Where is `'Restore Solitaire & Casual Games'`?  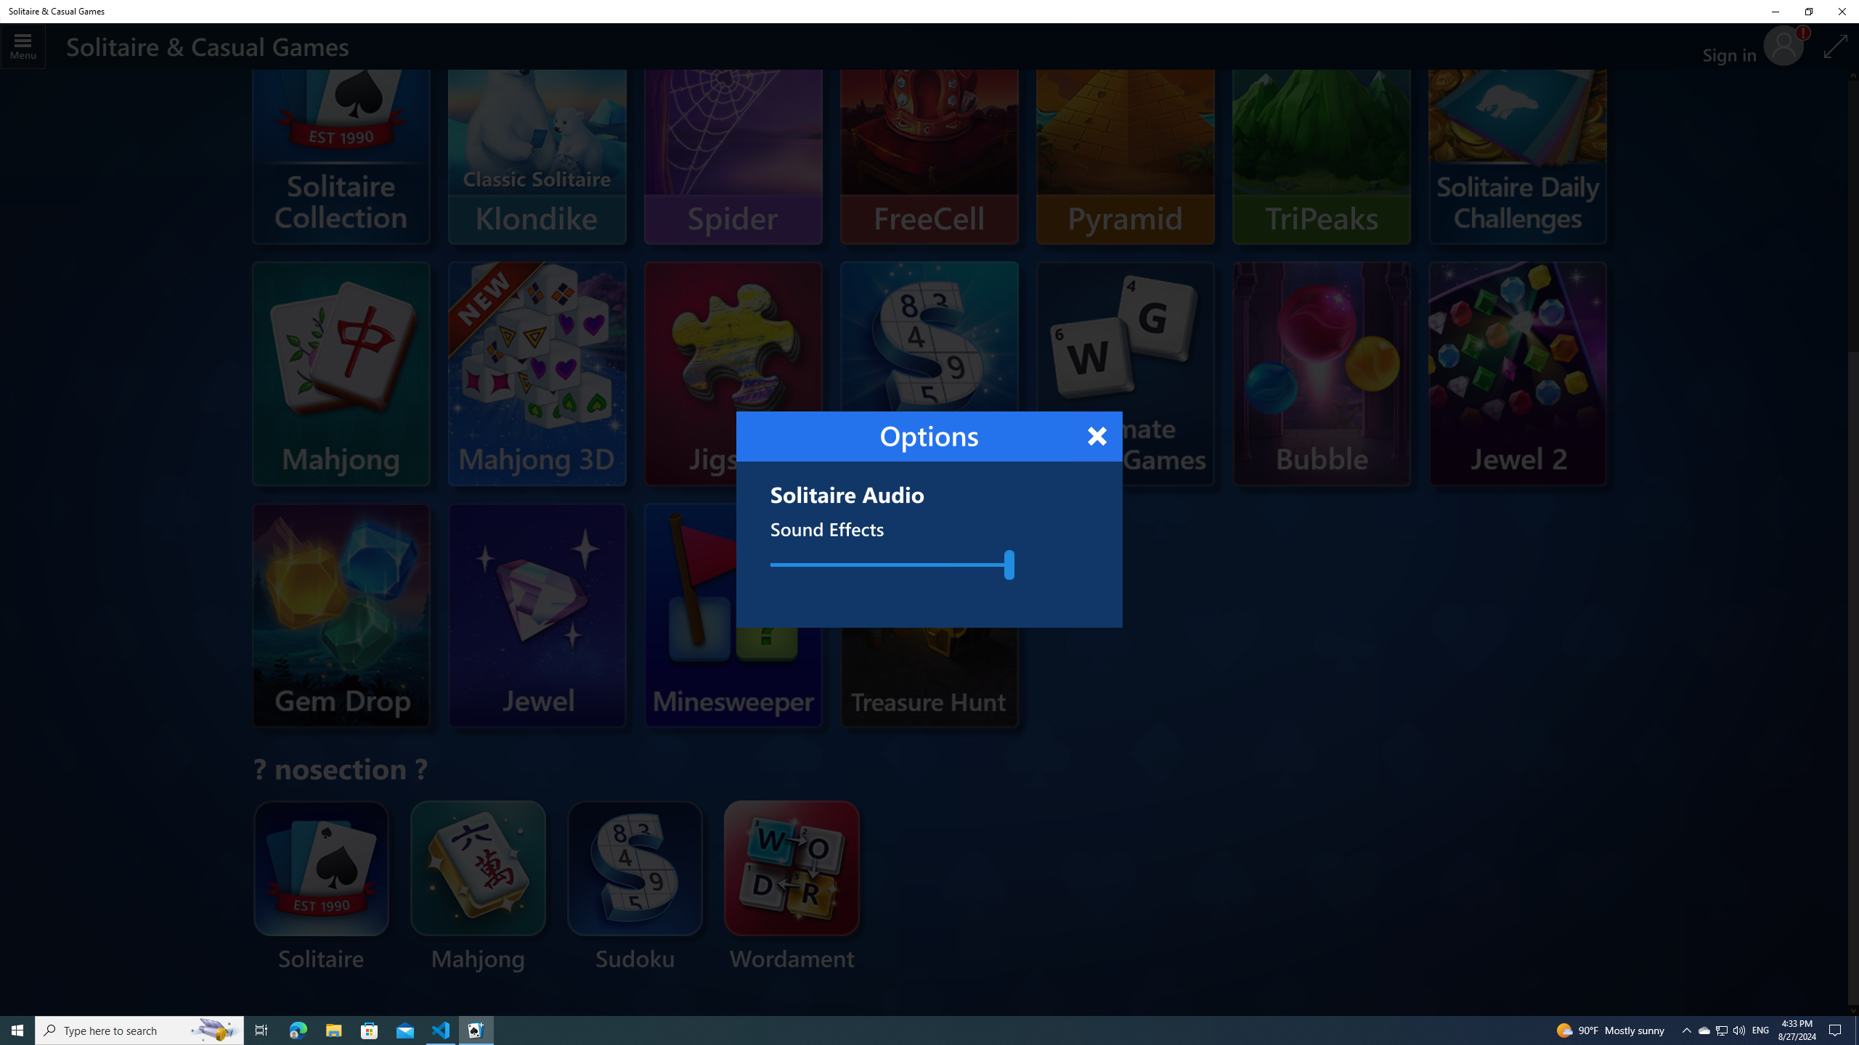 'Restore Solitaire & Casual Games' is located at coordinates (1808, 11).